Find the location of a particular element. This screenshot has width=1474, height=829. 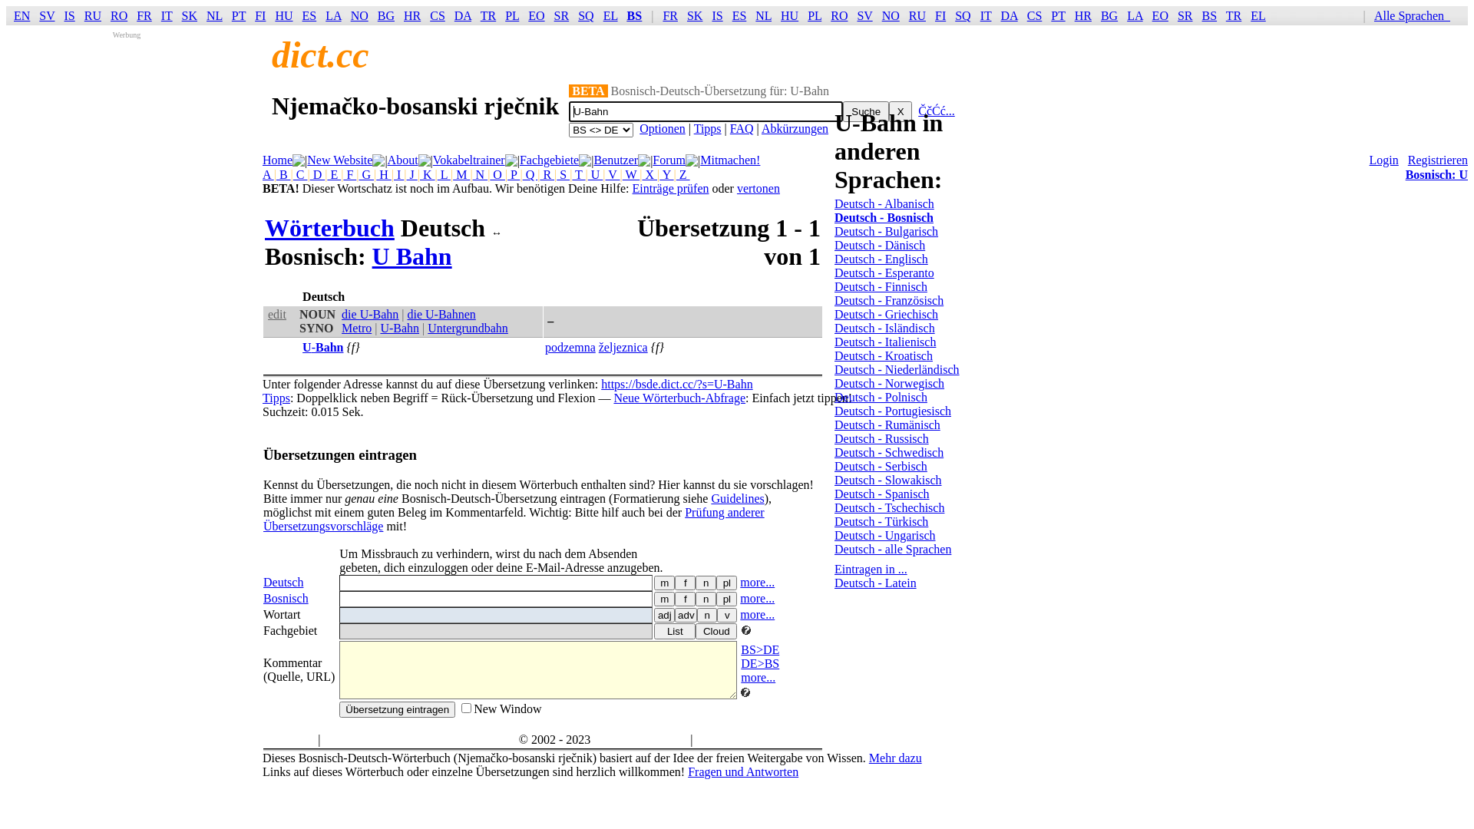

'vertonen' is located at coordinates (758, 187).